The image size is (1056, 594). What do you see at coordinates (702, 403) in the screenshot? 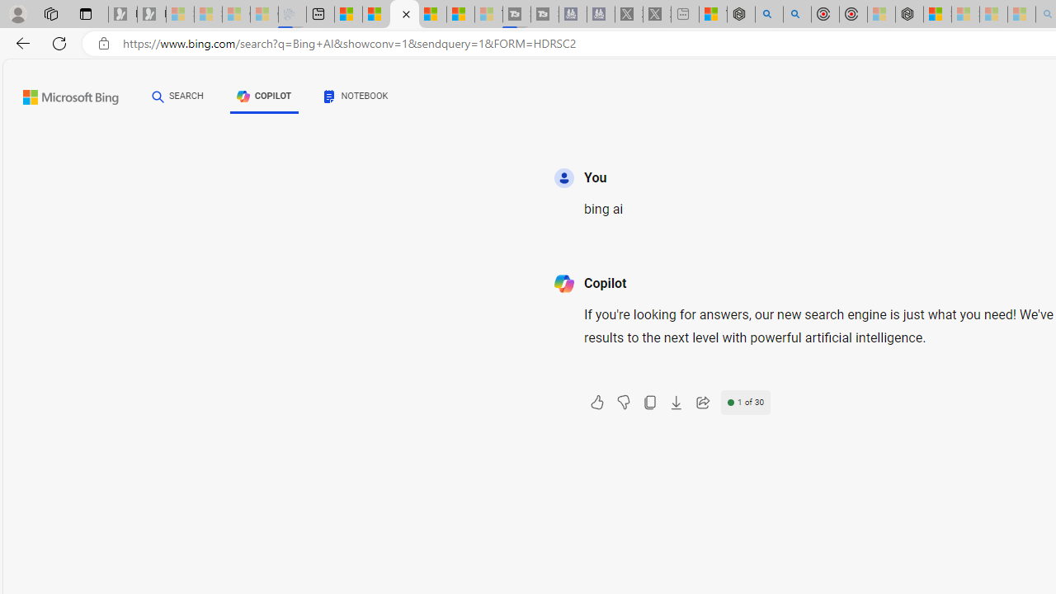
I see `'Share'` at bounding box center [702, 403].